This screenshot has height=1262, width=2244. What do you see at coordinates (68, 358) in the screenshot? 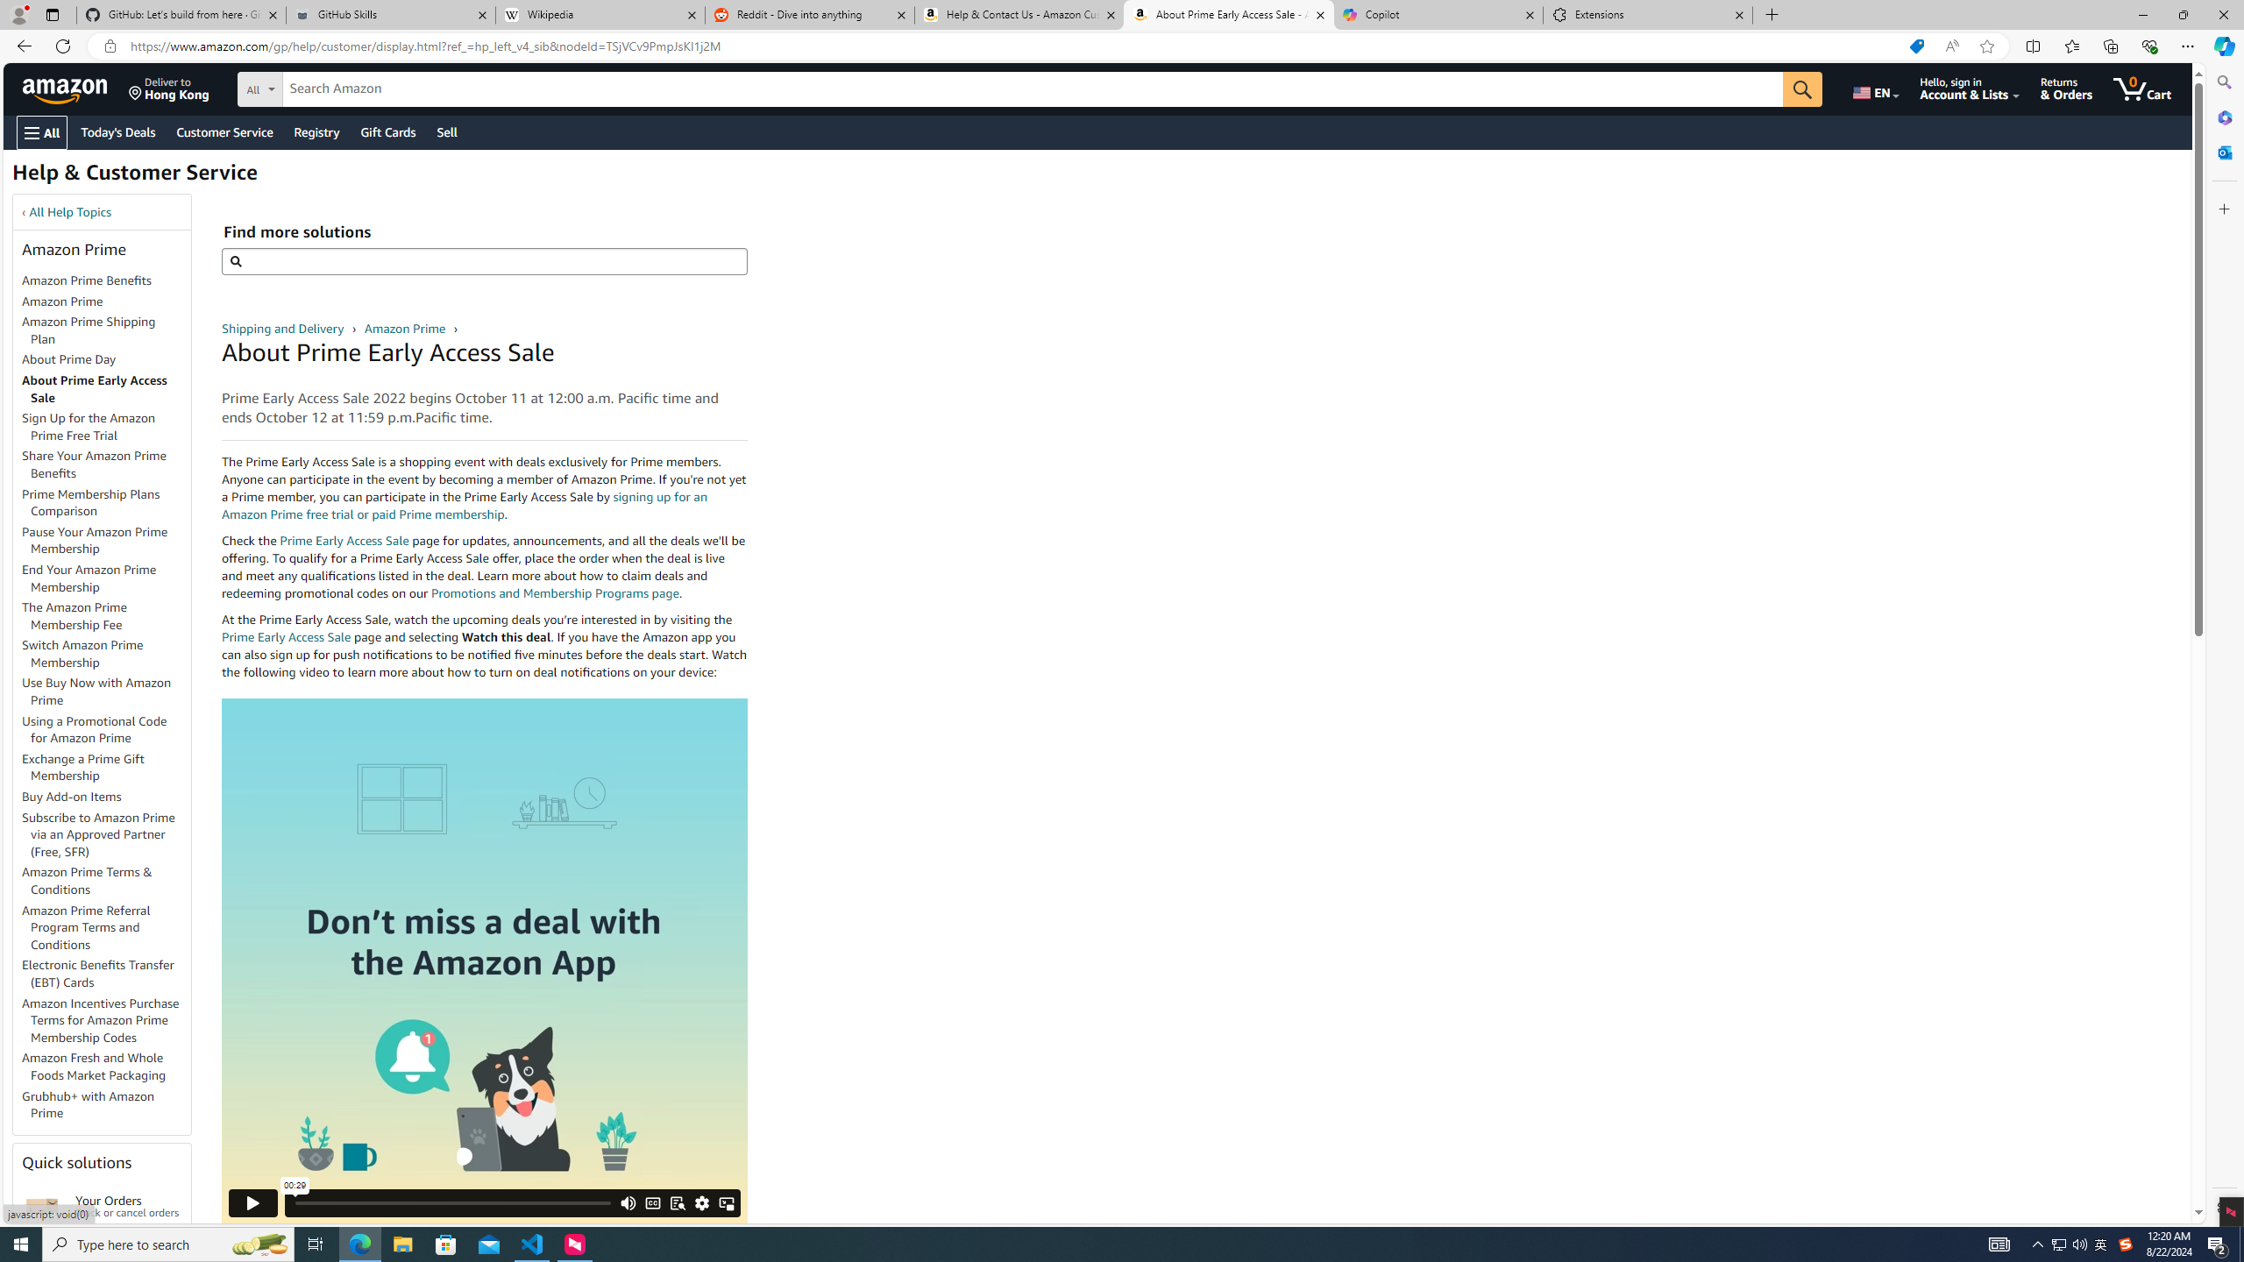
I see `'About Prime Day'` at bounding box center [68, 358].